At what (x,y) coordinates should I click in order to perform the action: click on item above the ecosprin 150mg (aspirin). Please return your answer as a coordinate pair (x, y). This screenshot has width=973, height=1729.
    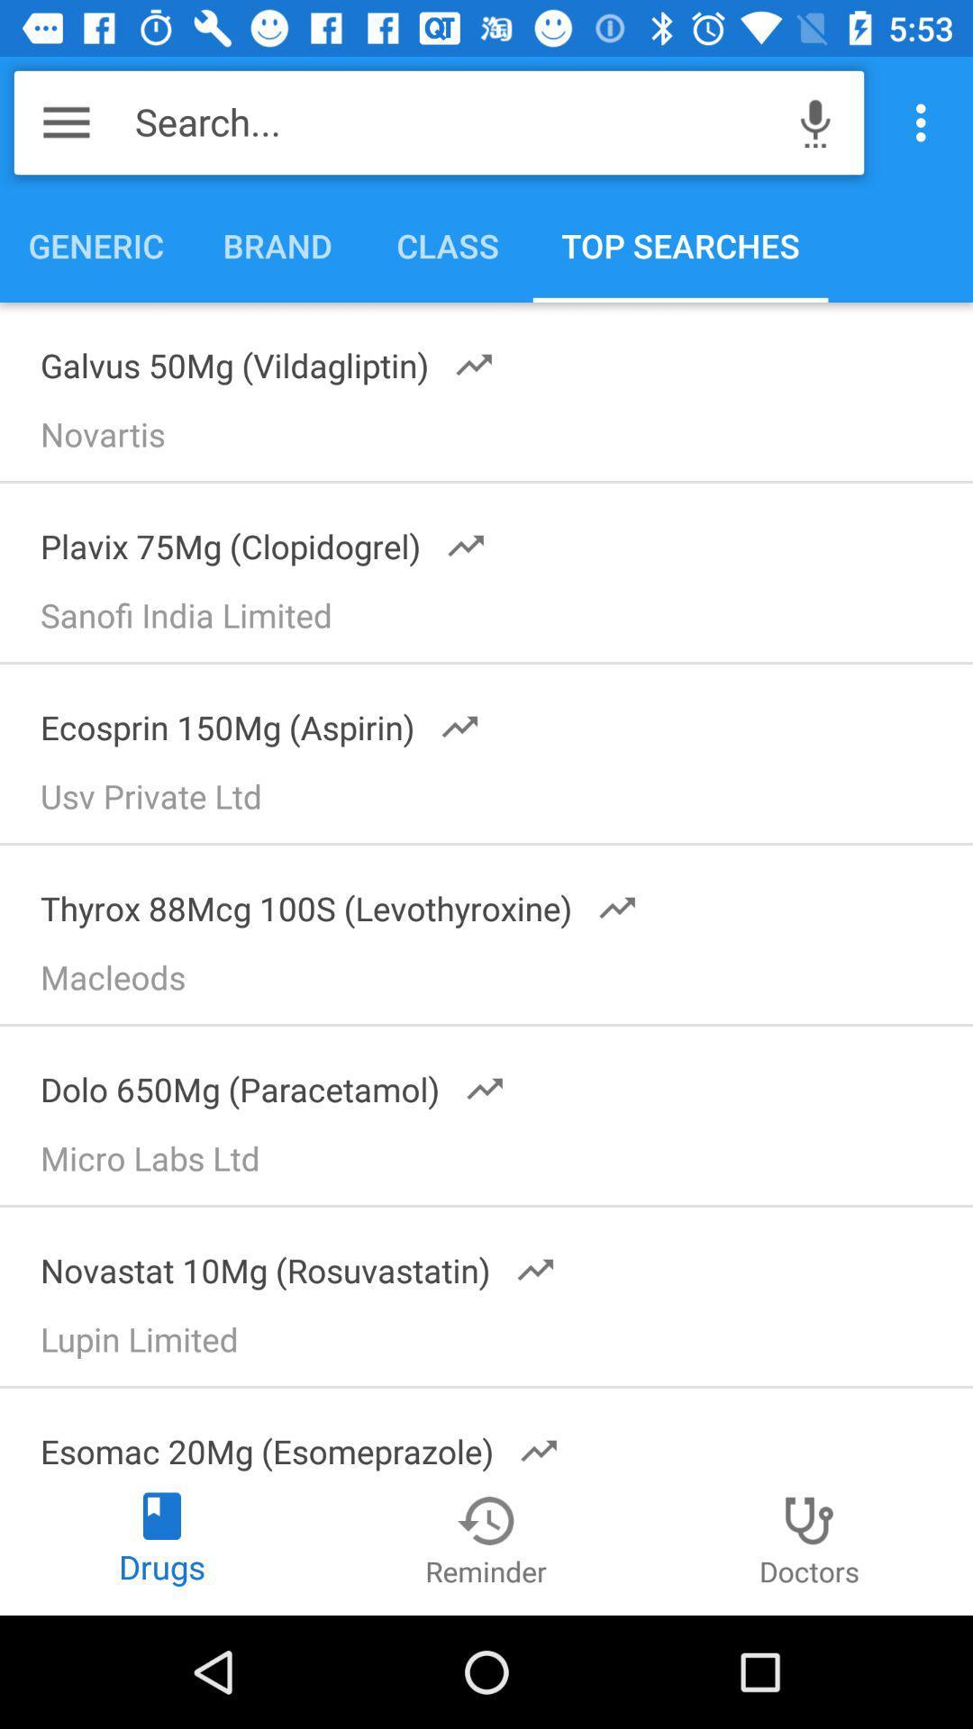
    Looking at the image, I should click on (495, 621).